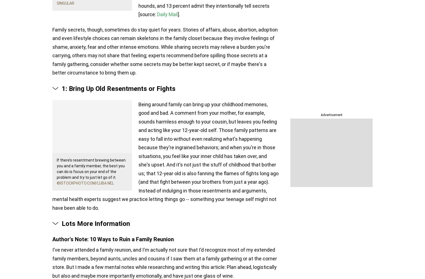  Describe the element at coordinates (165, 262) in the screenshot. I see `'I've never attended a family reunion, and I'm actually not sure that I'd recognize most of my extended family members, beyond aunts, uncles and cousins if I saw them at a family gathering or at the corner store. But I made a few mental notes while researching and writing this article: Plan ahead, logistically but also and maybe more importantly emotionally, and have just one glass of wine.'` at that location.